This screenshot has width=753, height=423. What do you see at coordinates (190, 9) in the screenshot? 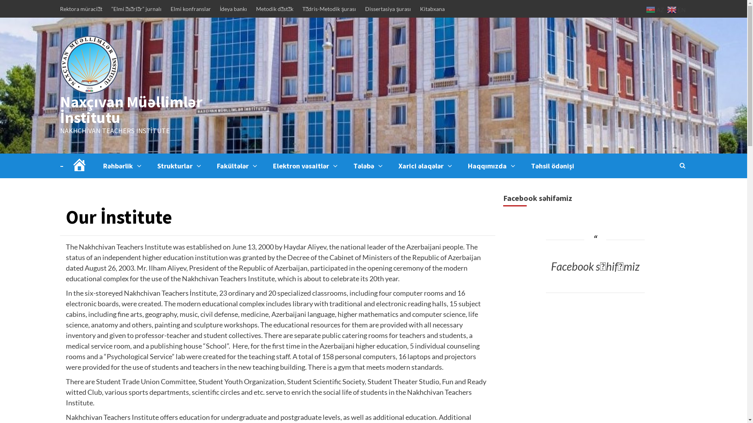
I see `'Elmi konfranslar'` at bounding box center [190, 9].